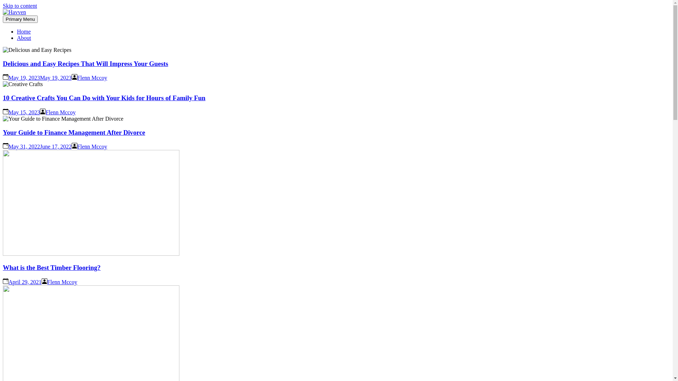 The width and height of the screenshot is (678, 381). Describe the element at coordinates (85, 64) in the screenshot. I see `'Delicious and Easy Recipes That Will Impress Your Guests'` at that location.